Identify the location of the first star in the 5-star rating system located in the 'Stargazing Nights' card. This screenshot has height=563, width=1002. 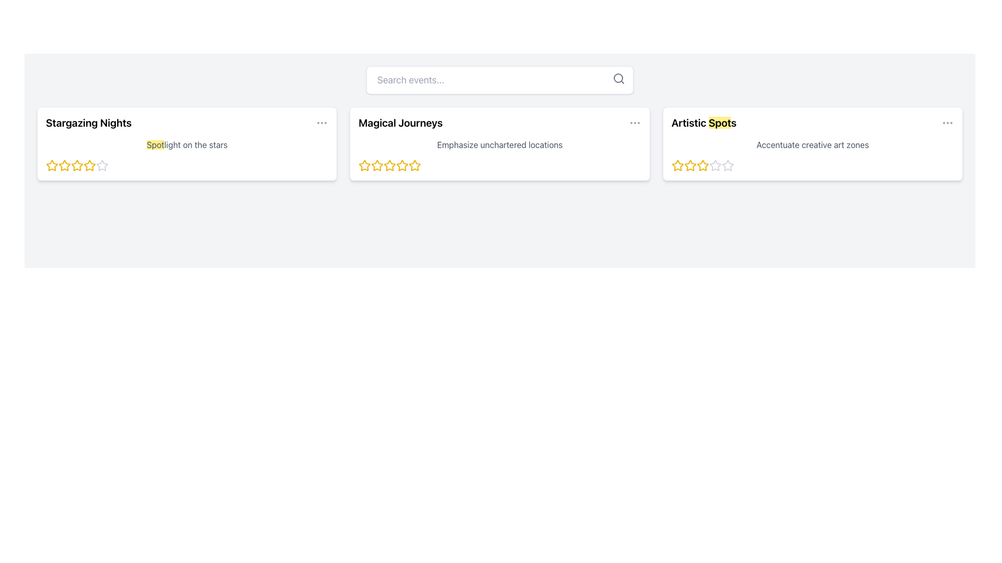
(52, 165).